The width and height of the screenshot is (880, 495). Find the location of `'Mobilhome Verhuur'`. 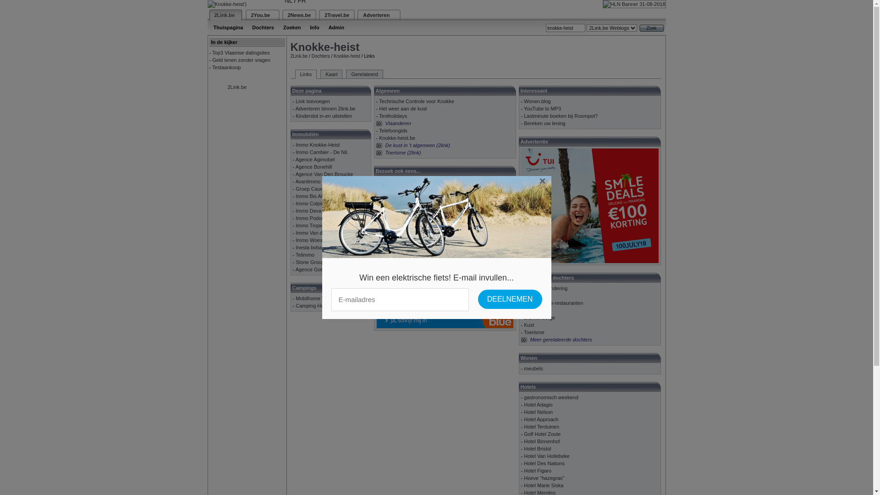

'Mobilhome Verhuur' is located at coordinates (317, 298).